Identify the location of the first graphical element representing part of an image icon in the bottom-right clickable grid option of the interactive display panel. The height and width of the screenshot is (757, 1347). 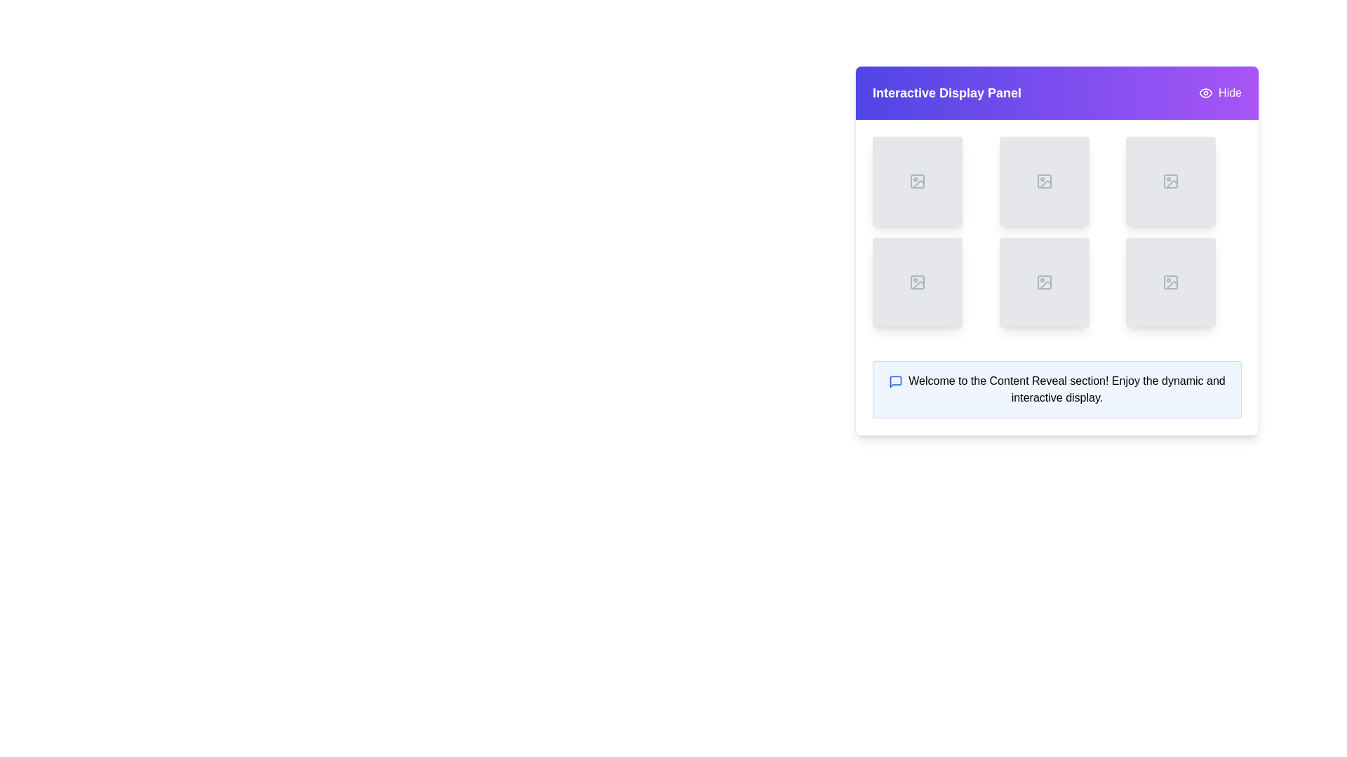
(1171, 282).